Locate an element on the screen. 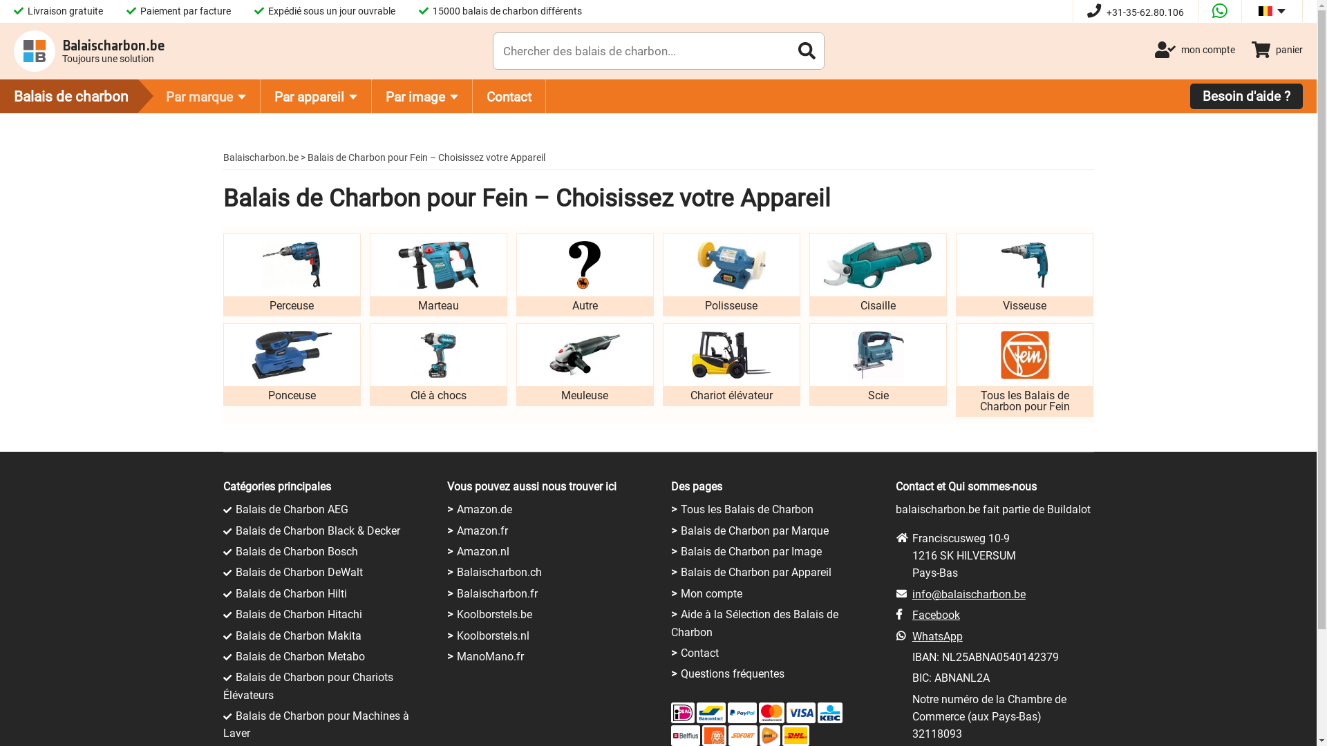 The image size is (1327, 746). 'Balaischarbon.be is located at coordinates (88, 50).